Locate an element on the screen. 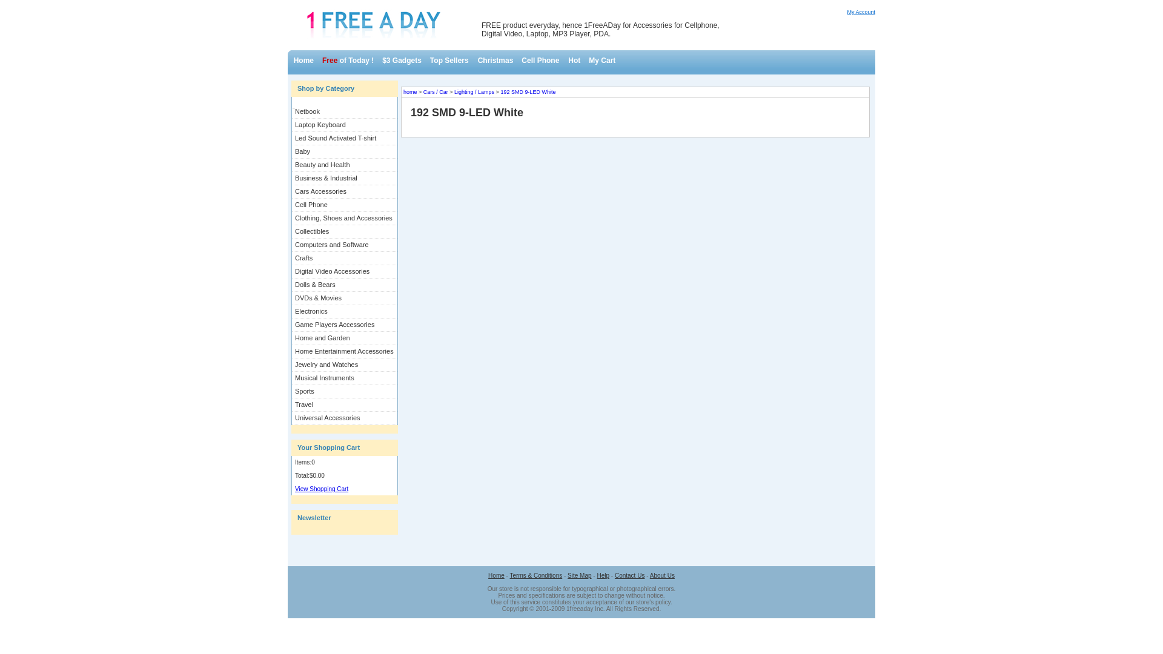  'Home' is located at coordinates (303, 61).